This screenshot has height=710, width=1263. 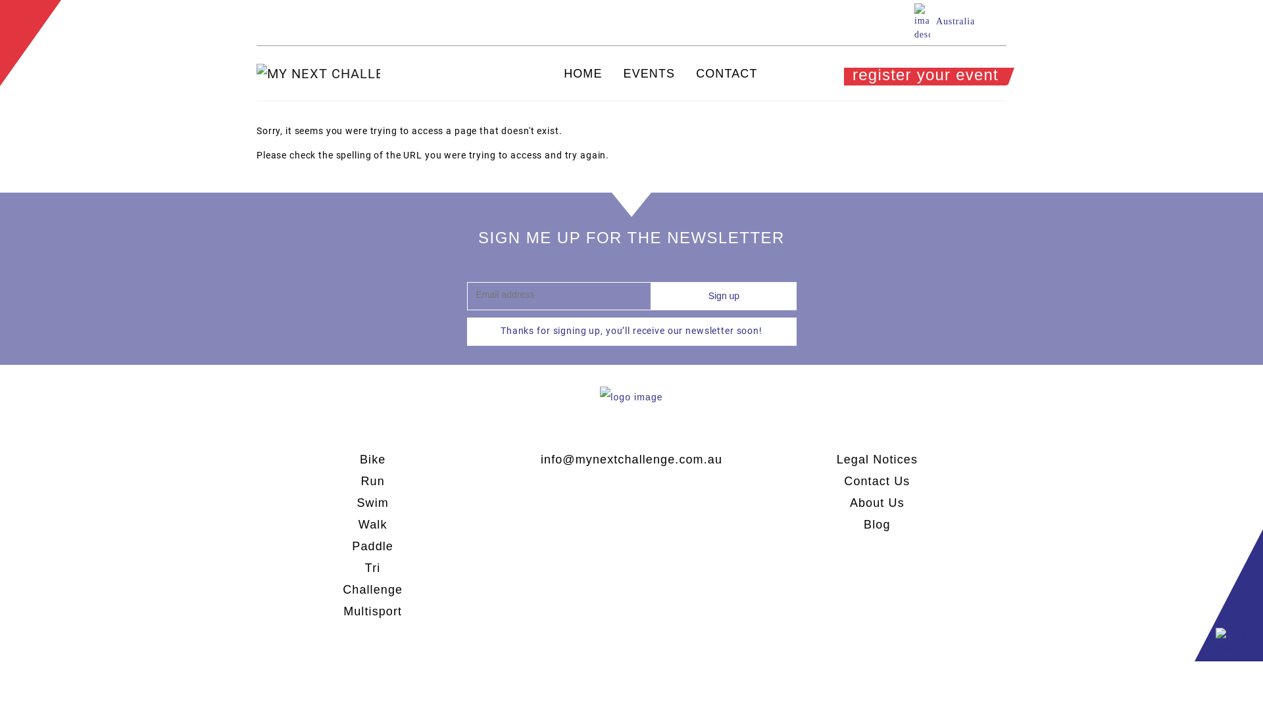 What do you see at coordinates (649, 74) in the screenshot?
I see `'EVENTS'` at bounding box center [649, 74].